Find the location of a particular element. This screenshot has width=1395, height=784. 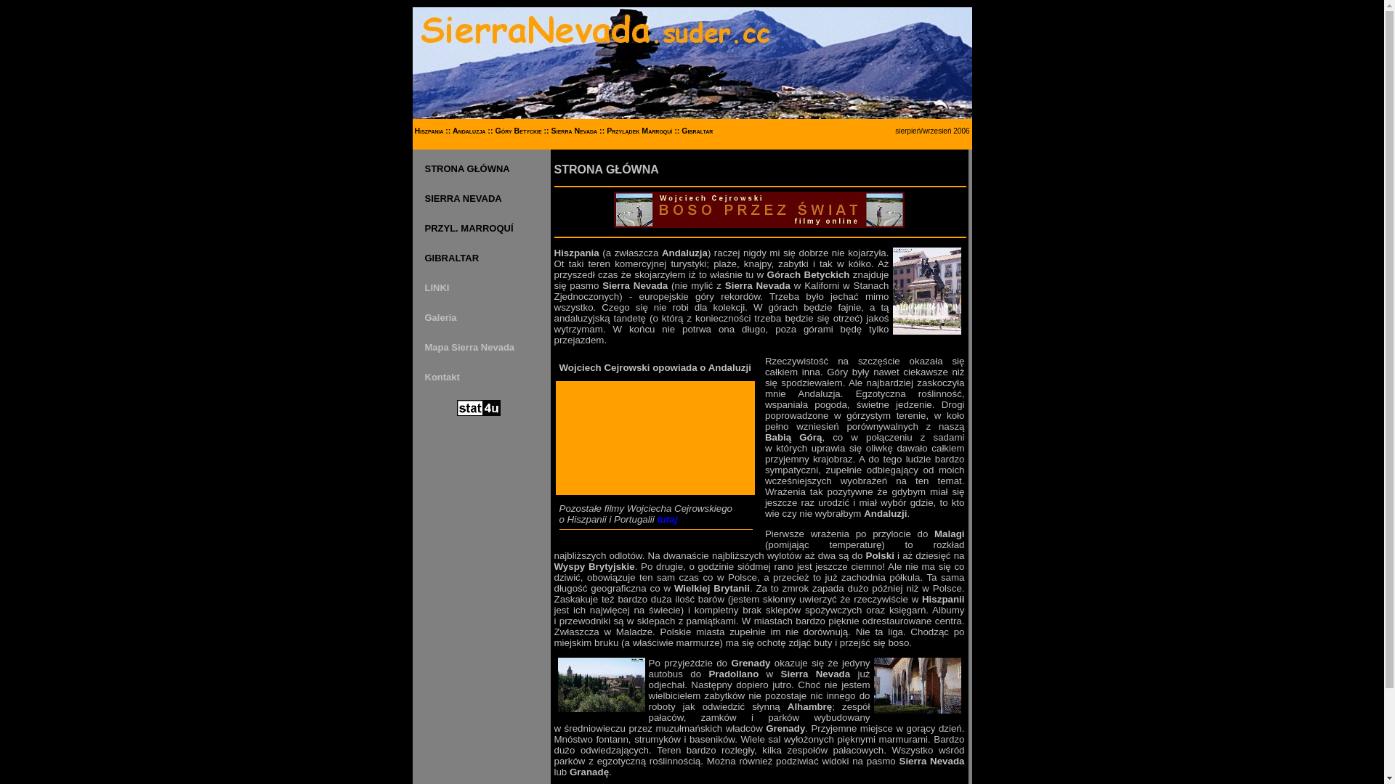

'Galeria' is located at coordinates (439, 317).